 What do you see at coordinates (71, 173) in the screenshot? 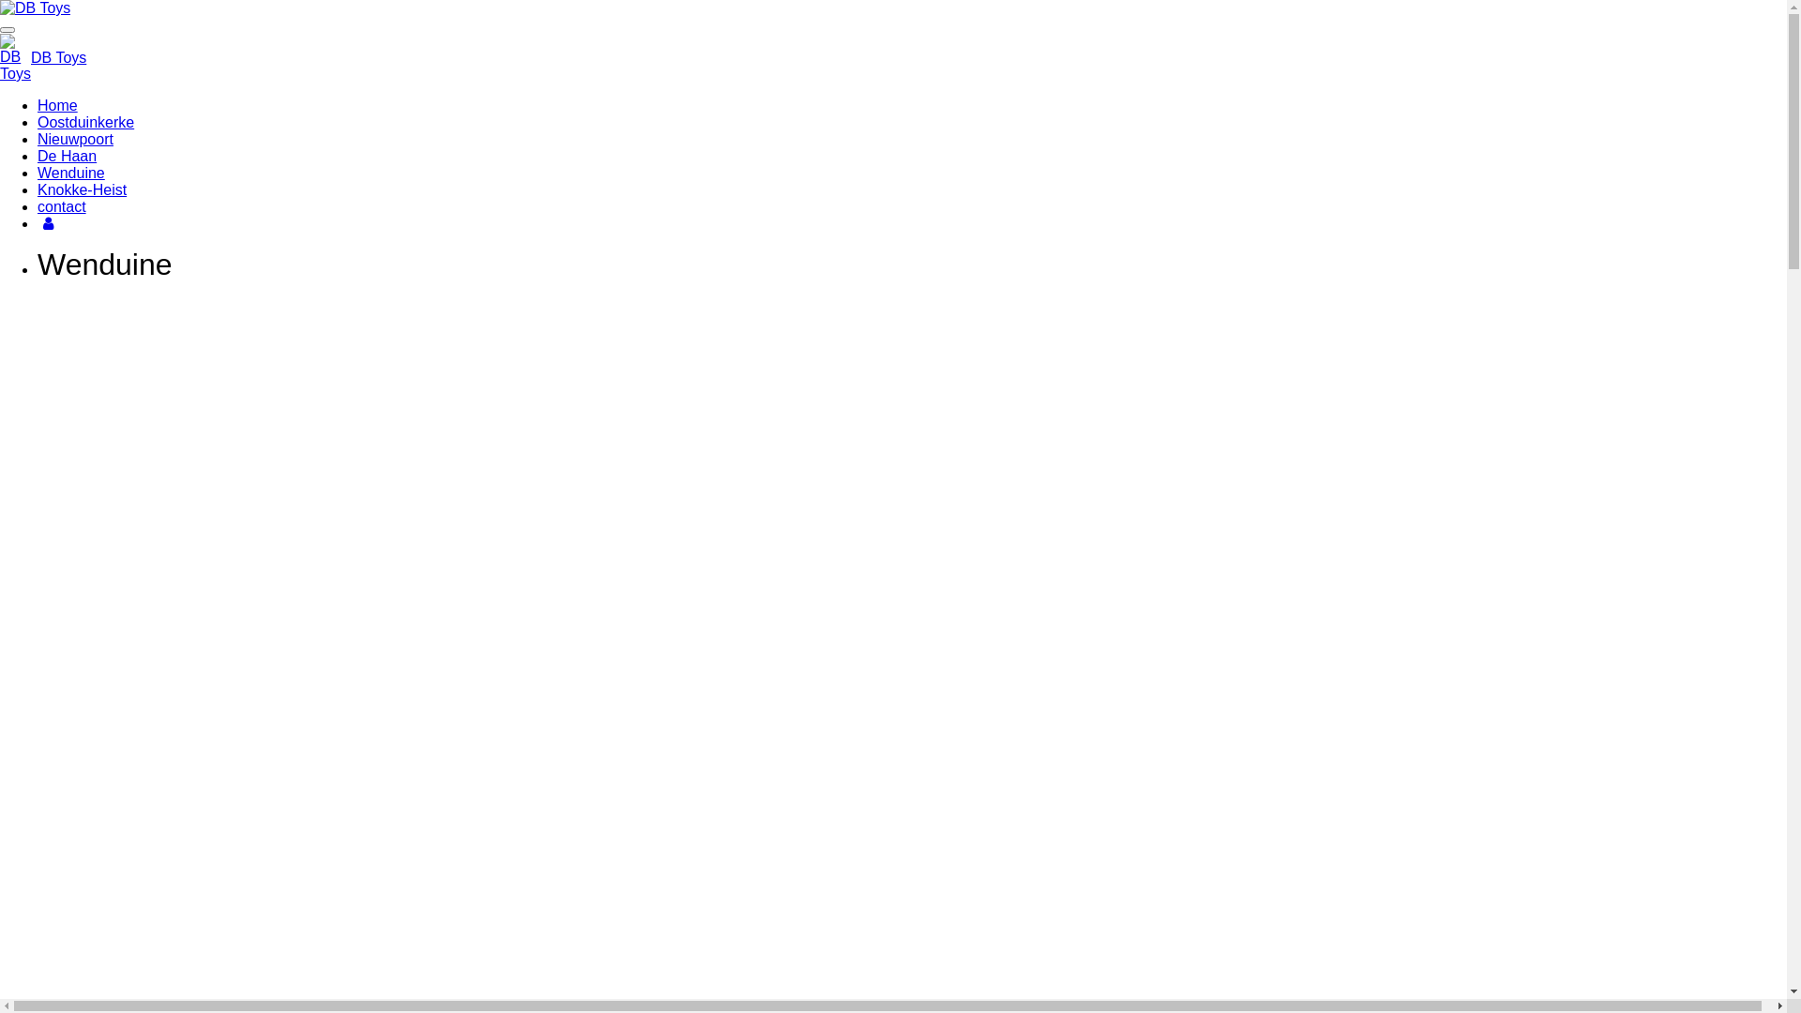
I see `'Wenduine'` at bounding box center [71, 173].